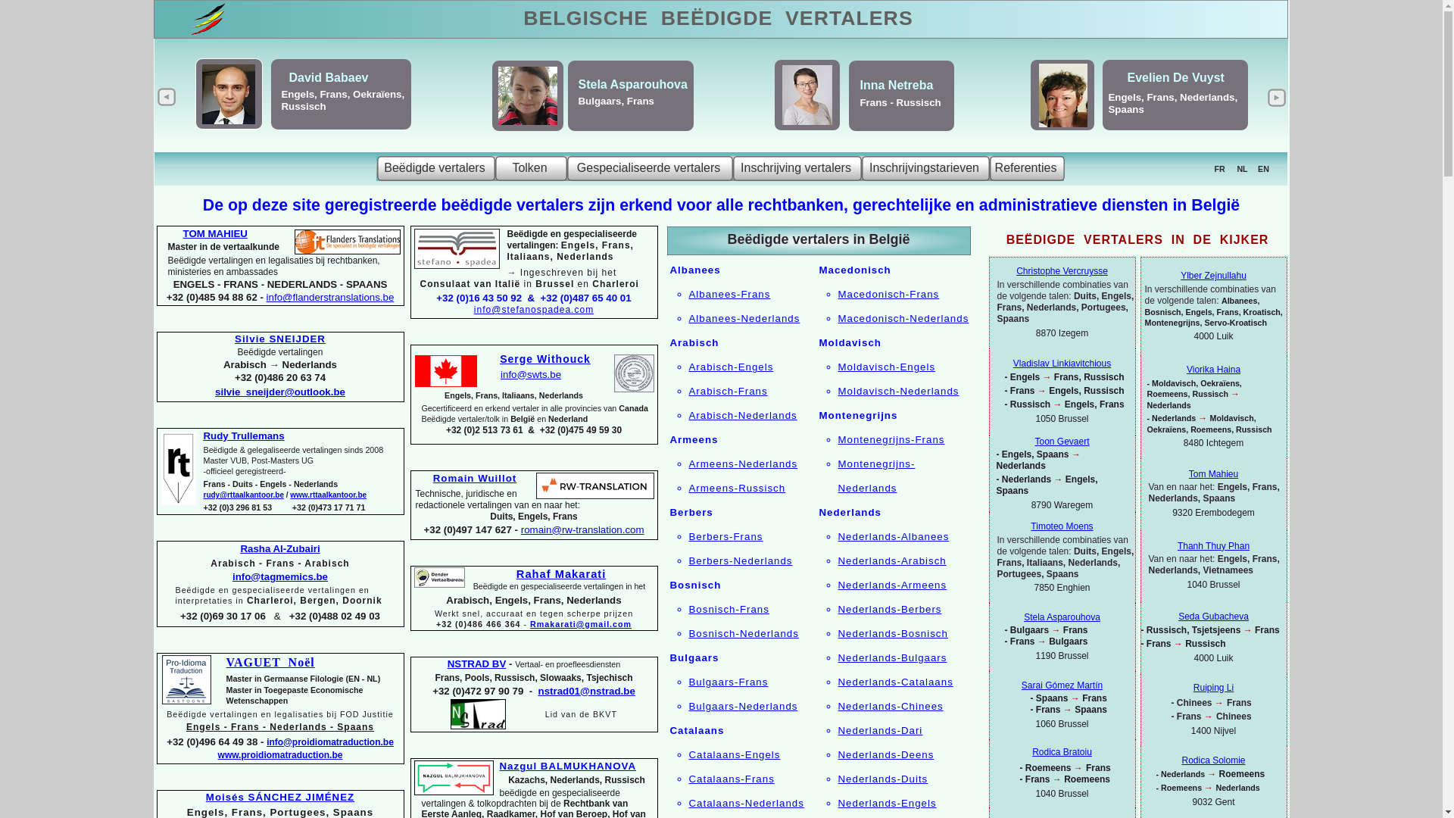  Describe the element at coordinates (744, 633) in the screenshot. I see `'Bosnisch-Nederlands'` at that location.